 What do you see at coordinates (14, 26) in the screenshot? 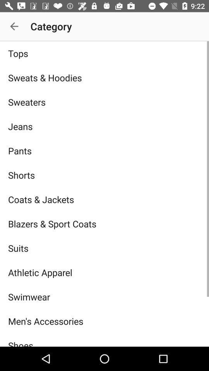
I see `icon next to the category app` at bounding box center [14, 26].